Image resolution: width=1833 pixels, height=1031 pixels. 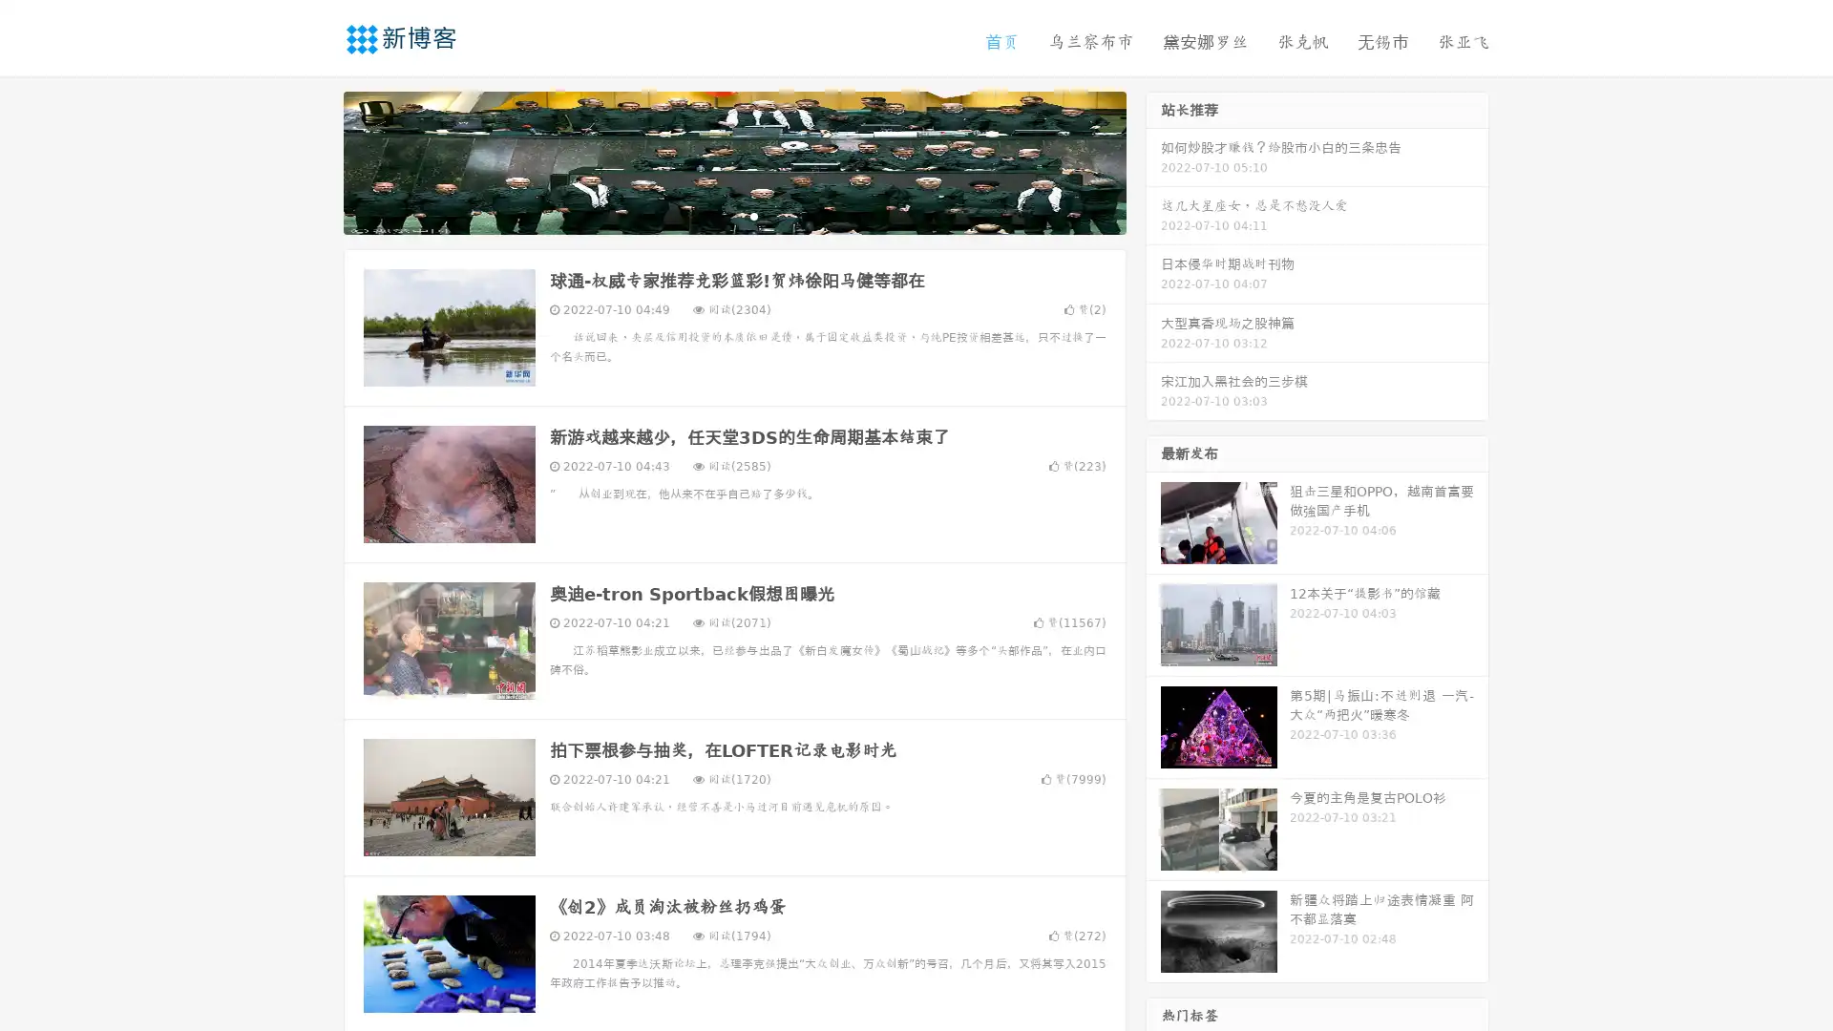 What do you see at coordinates (753, 215) in the screenshot?
I see `Go to slide 3` at bounding box center [753, 215].